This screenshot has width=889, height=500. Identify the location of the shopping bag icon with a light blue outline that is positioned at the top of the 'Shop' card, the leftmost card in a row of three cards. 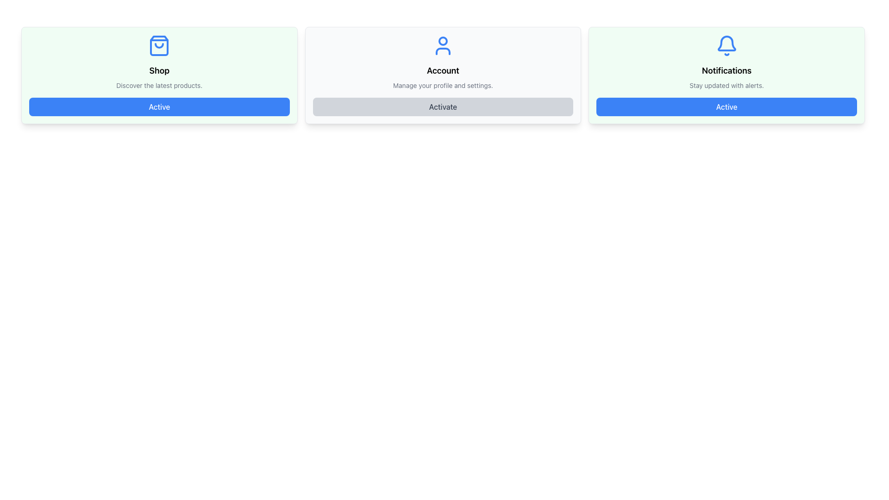
(159, 46).